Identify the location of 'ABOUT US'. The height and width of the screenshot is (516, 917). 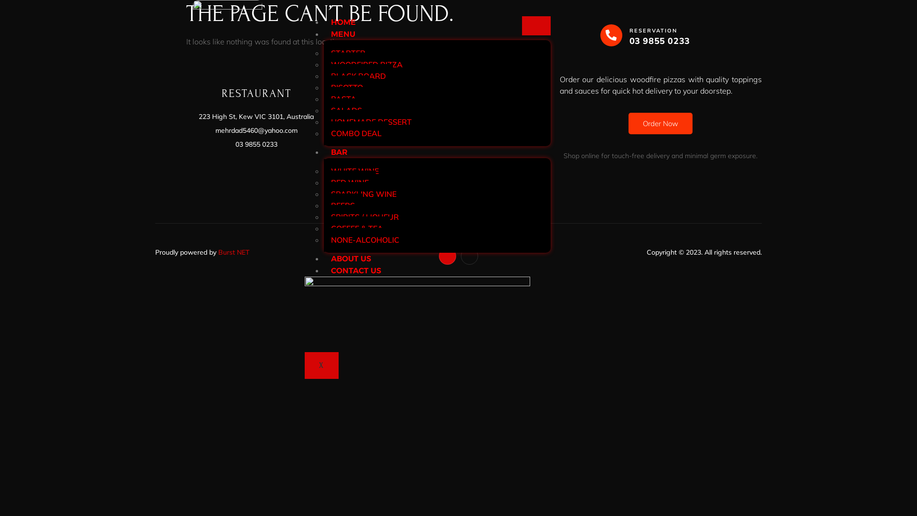
(350, 258).